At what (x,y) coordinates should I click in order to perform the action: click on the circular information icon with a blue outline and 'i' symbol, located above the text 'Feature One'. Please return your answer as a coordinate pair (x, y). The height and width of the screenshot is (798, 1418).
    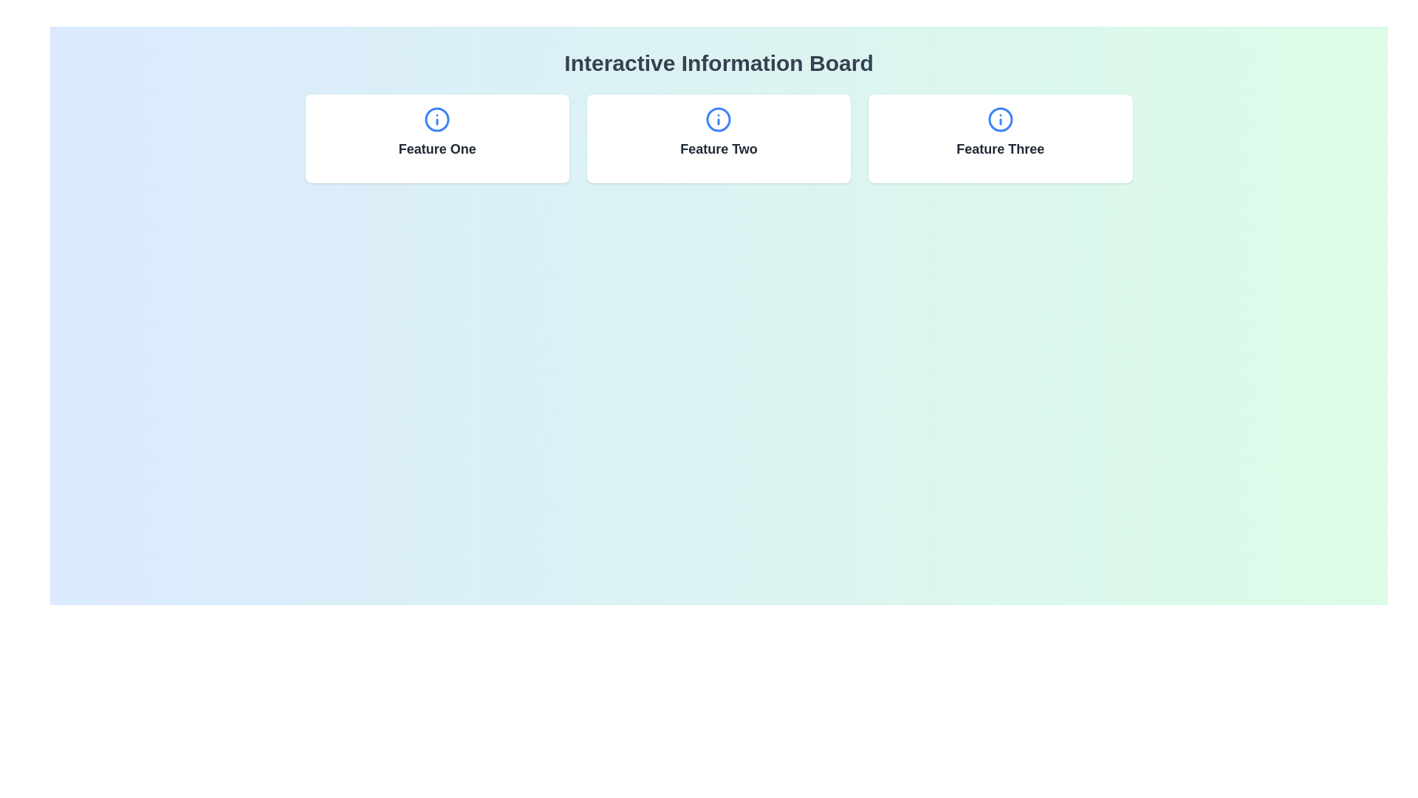
    Looking at the image, I should click on (436, 119).